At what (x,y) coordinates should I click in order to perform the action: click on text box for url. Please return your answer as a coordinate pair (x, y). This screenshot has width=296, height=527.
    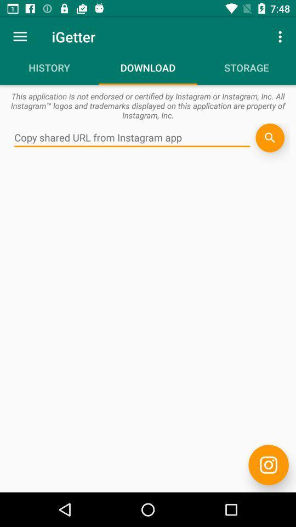
    Looking at the image, I should click on (132, 137).